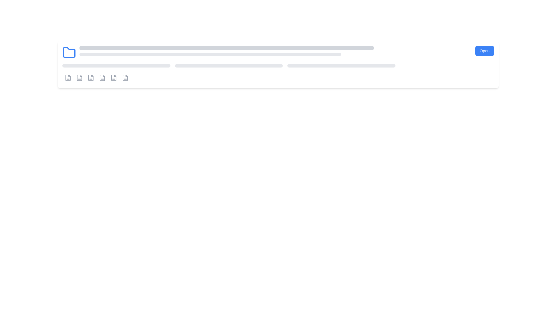  I want to click on the blue folder icon located at the far left of the horizontal section, which is the first element in the layout, so click(69, 53).